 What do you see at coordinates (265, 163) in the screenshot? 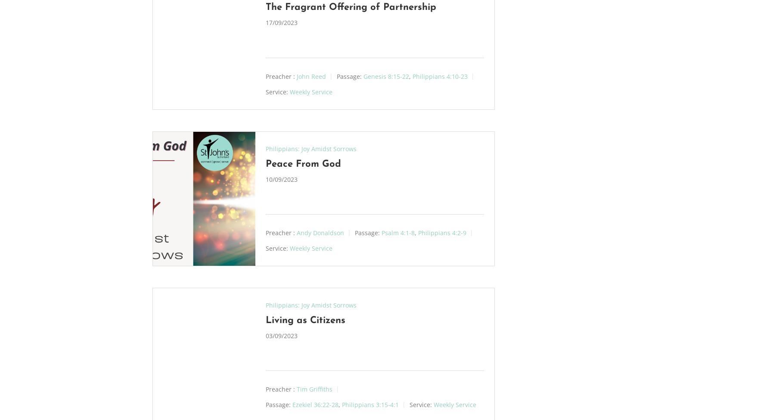
I see `'Peace From God'` at bounding box center [265, 163].